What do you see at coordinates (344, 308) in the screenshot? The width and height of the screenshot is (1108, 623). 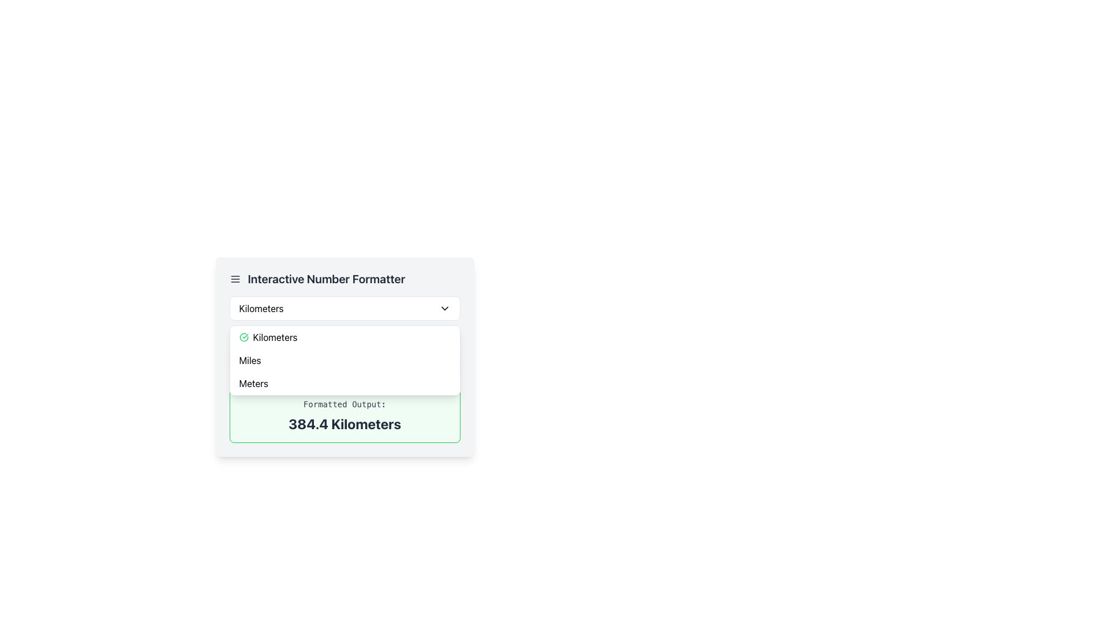 I see `the dropdown menu displaying 'Kilometers' for keyboard interaction` at bounding box center [344, 308].